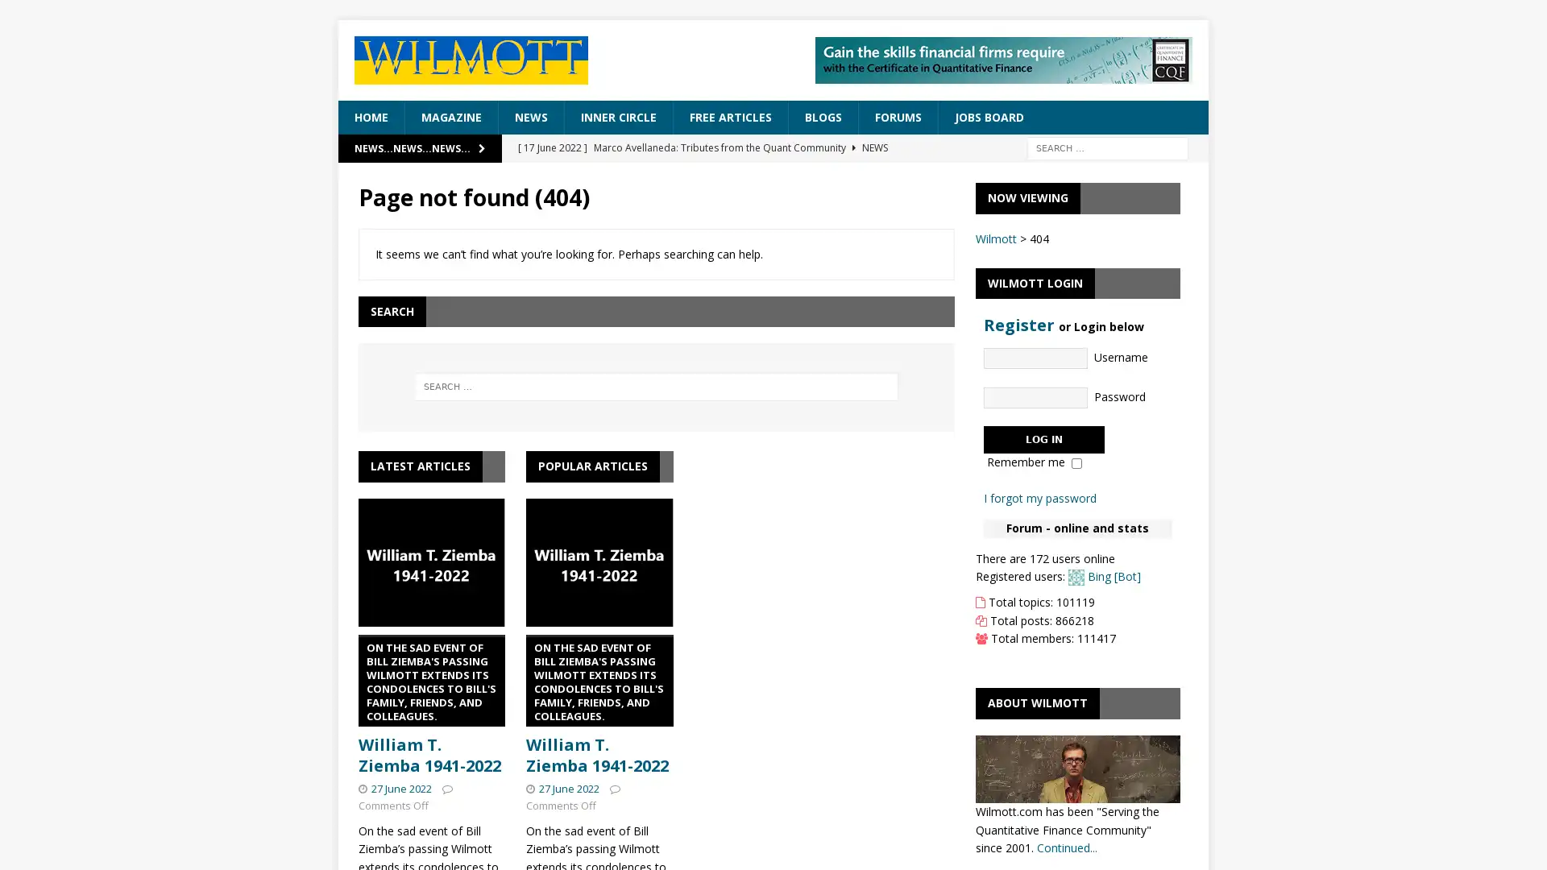  I want to click on Log In, so click(1043, 438).